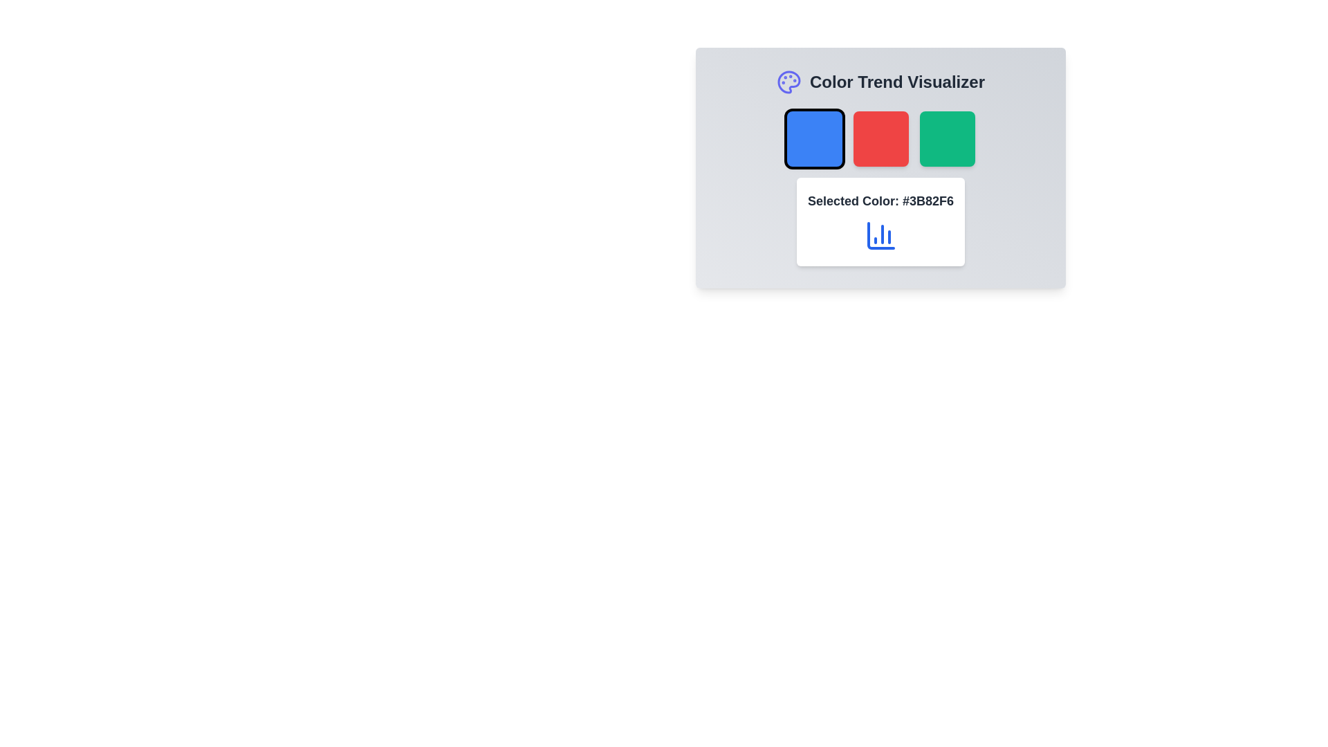  I want to click on the static text displaying the currently selected color and its hex code, located at the top of the white card, so click(880, 201).